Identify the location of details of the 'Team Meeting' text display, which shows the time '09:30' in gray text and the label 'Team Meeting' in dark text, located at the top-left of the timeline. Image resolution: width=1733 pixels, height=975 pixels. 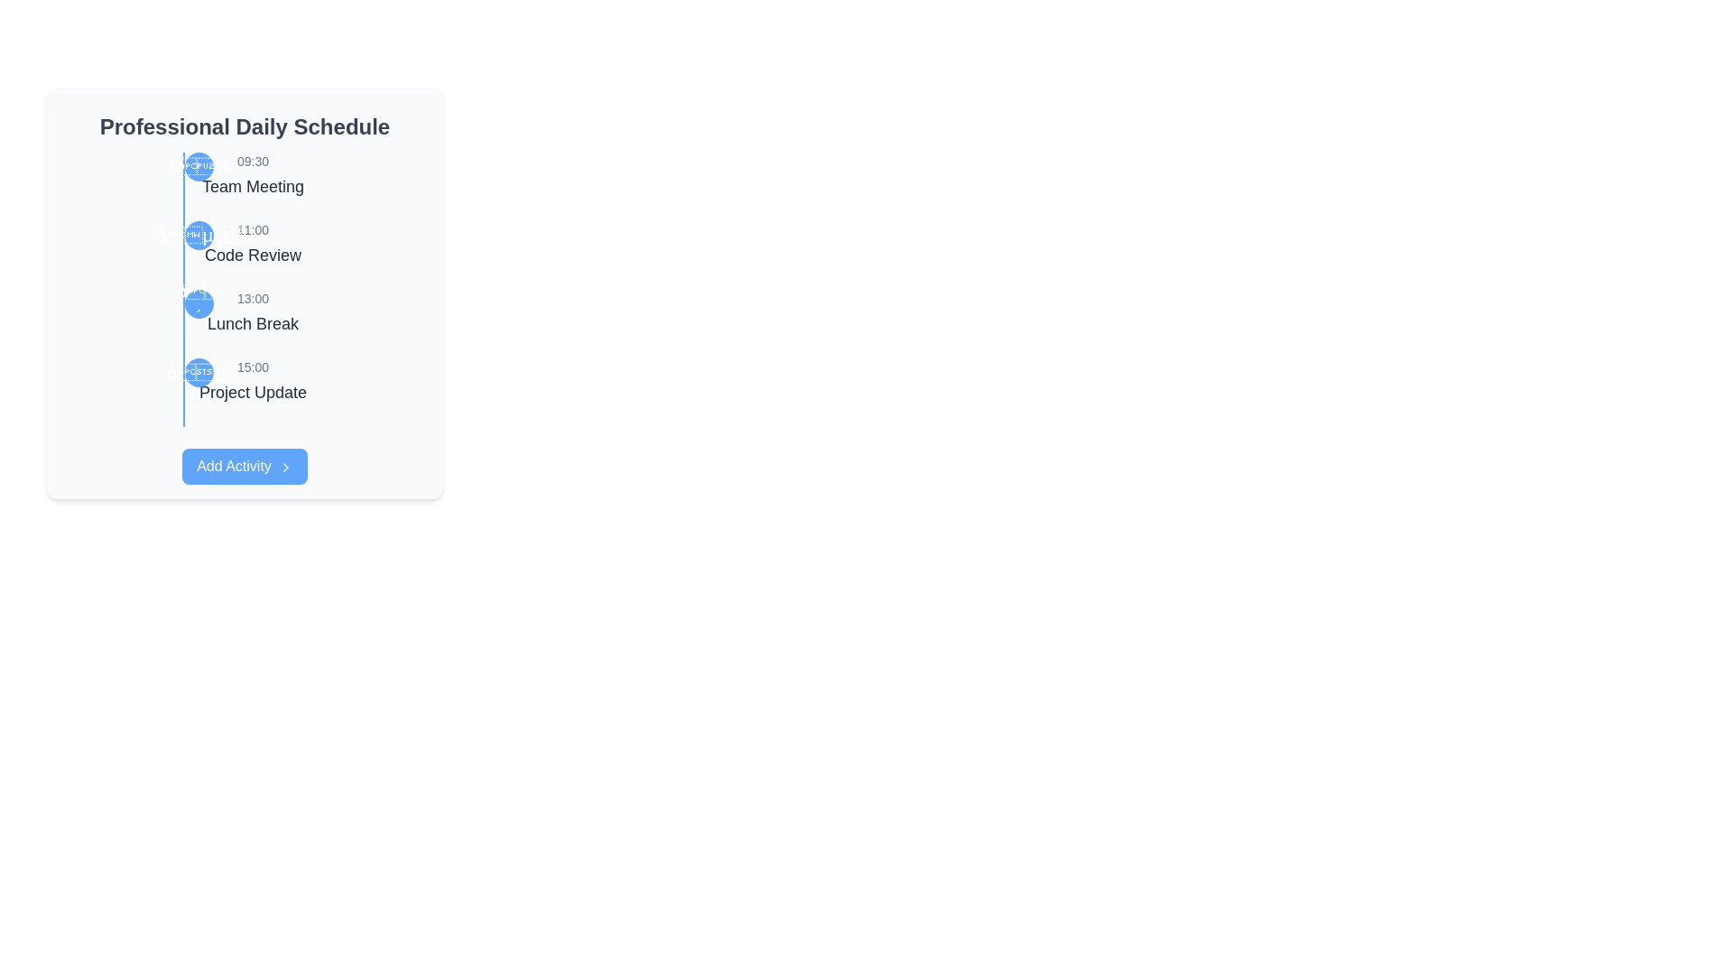
(252, 176).